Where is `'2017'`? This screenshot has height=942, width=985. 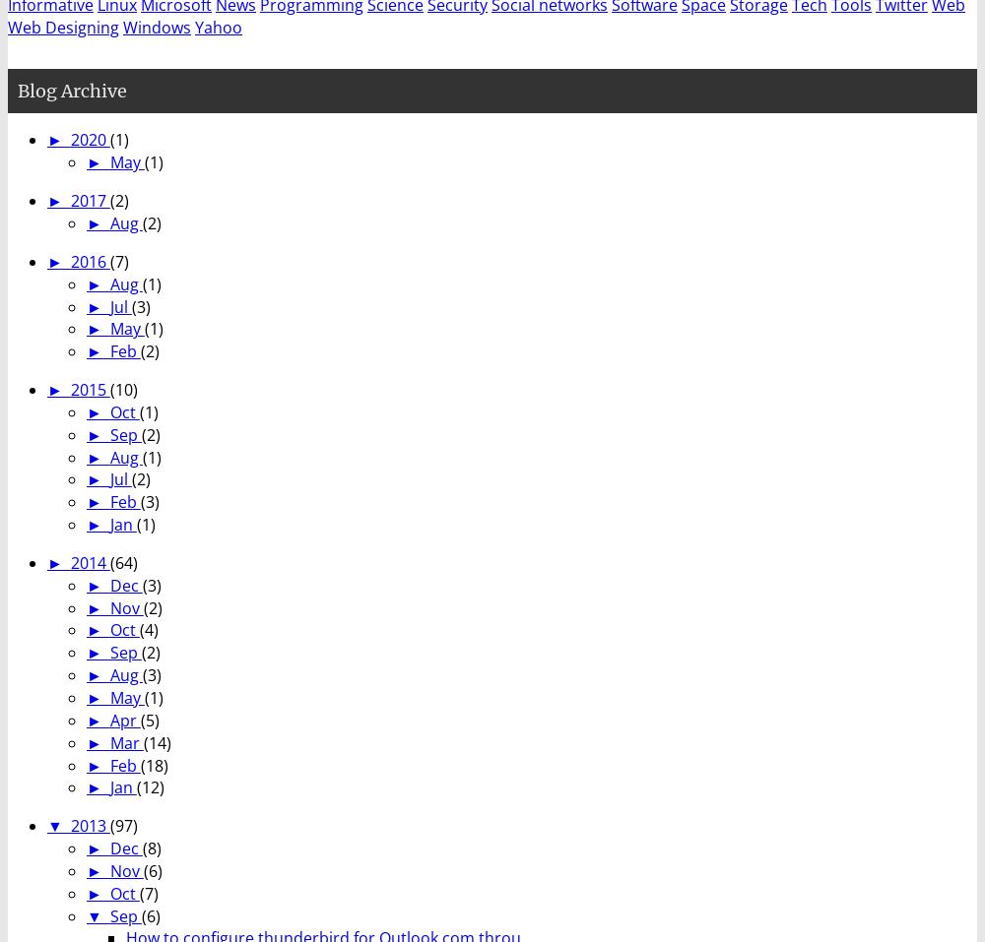
'2017' is located at coordinates (69, 200).